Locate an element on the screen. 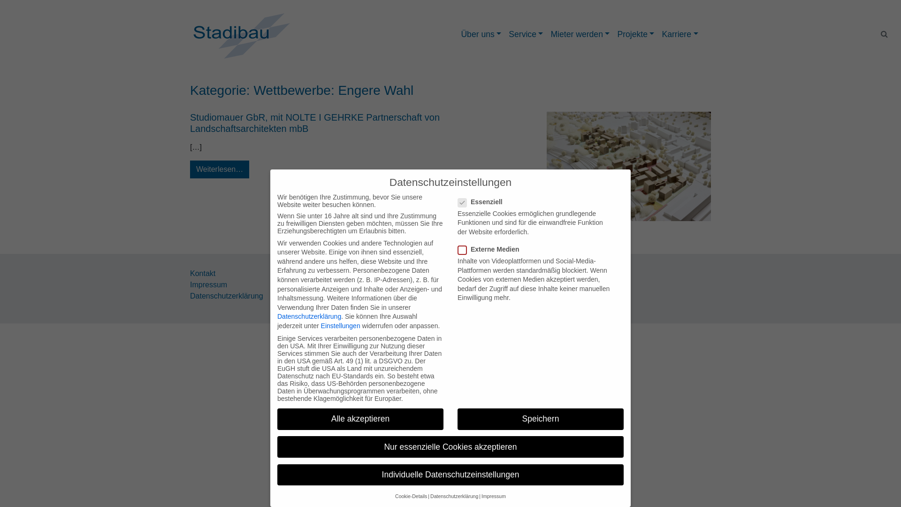 The height and width of the screenshot is (507, 901). 'Cookie-Details' is located at coordinates (411, 495).